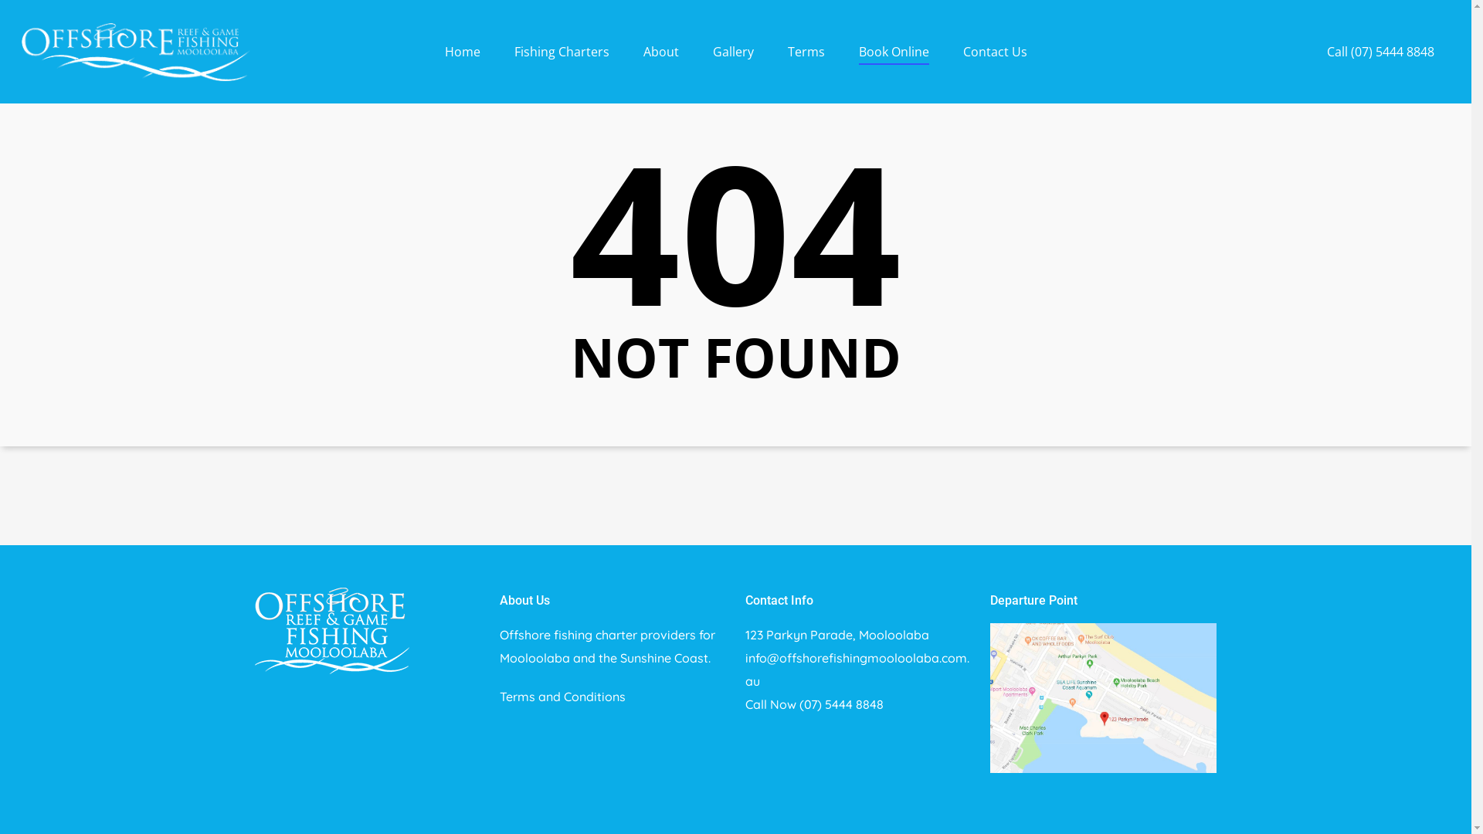 The height and width of the screenshot is (834, 1483). What do you see at coordinates (731, 62) in the screenshot?
I see `'Gallery'` at bounding box center [731, 62].